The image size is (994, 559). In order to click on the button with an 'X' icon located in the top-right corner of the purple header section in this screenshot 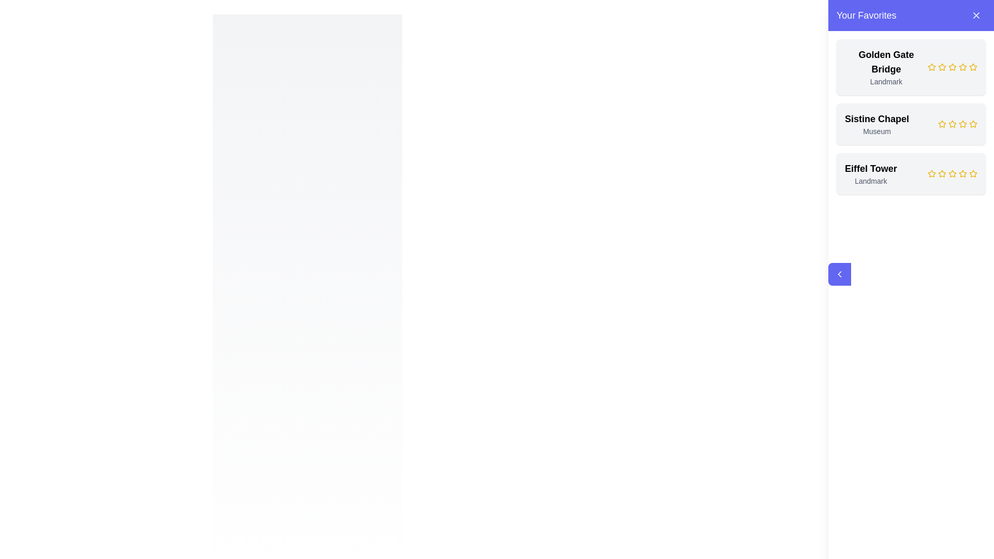, I will do `click(976, 16)`.